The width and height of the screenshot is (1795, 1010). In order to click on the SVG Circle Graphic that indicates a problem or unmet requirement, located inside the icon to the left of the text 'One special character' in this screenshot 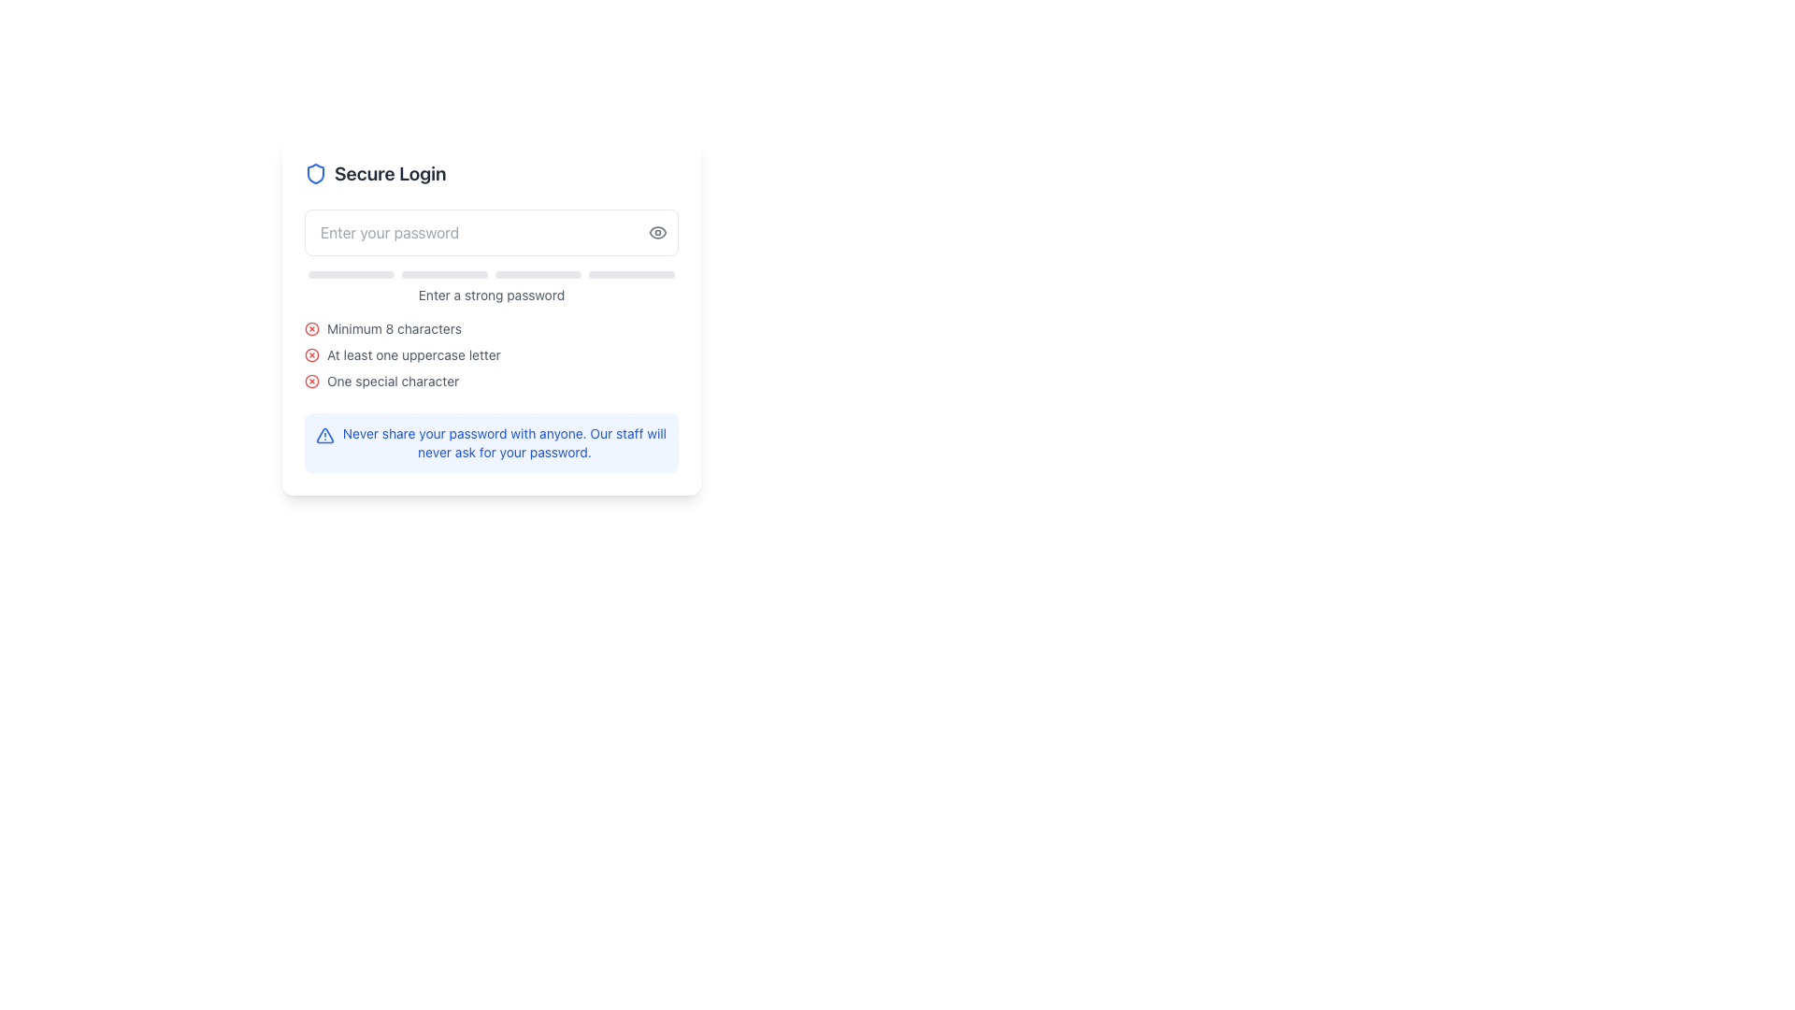, I will do `click(312, 381)`.